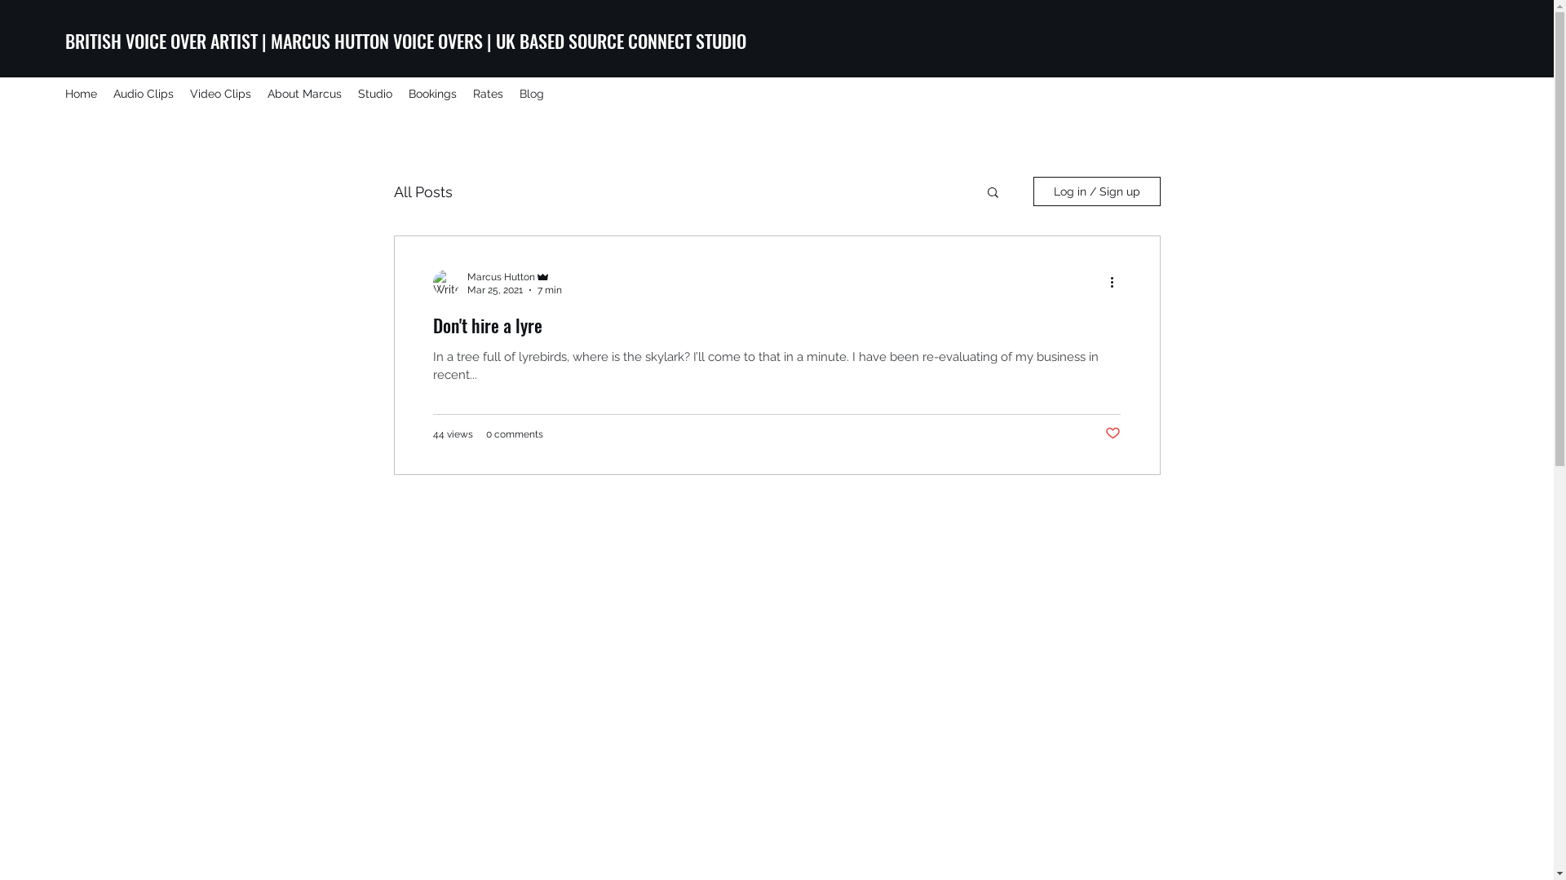 The width and height of the screenshot is (1566, 880). I want to click on 'Log in / Sign up', so click(1096, 191).